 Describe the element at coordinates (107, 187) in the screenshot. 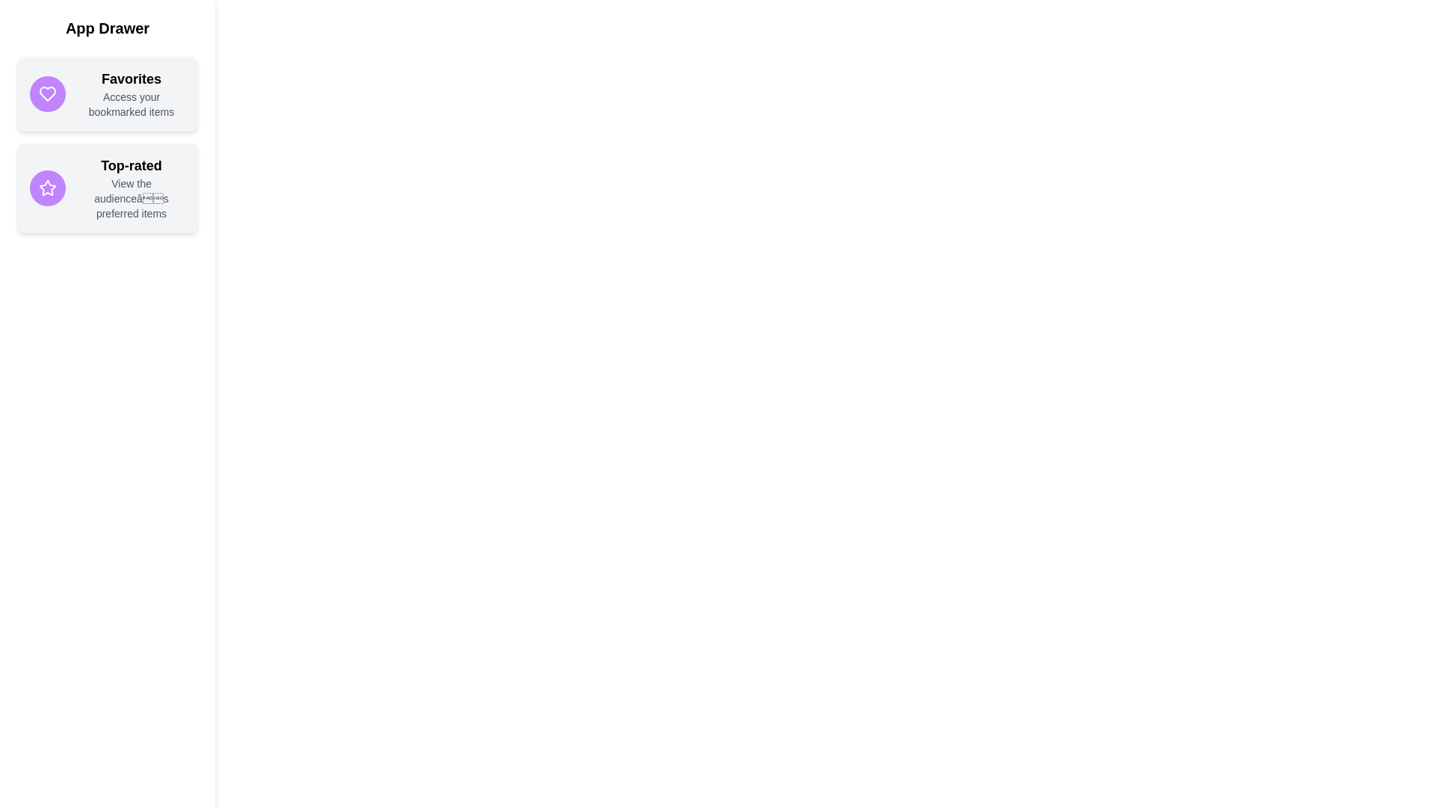

I see `the 'Top-rated' item in the drawer` at that location.